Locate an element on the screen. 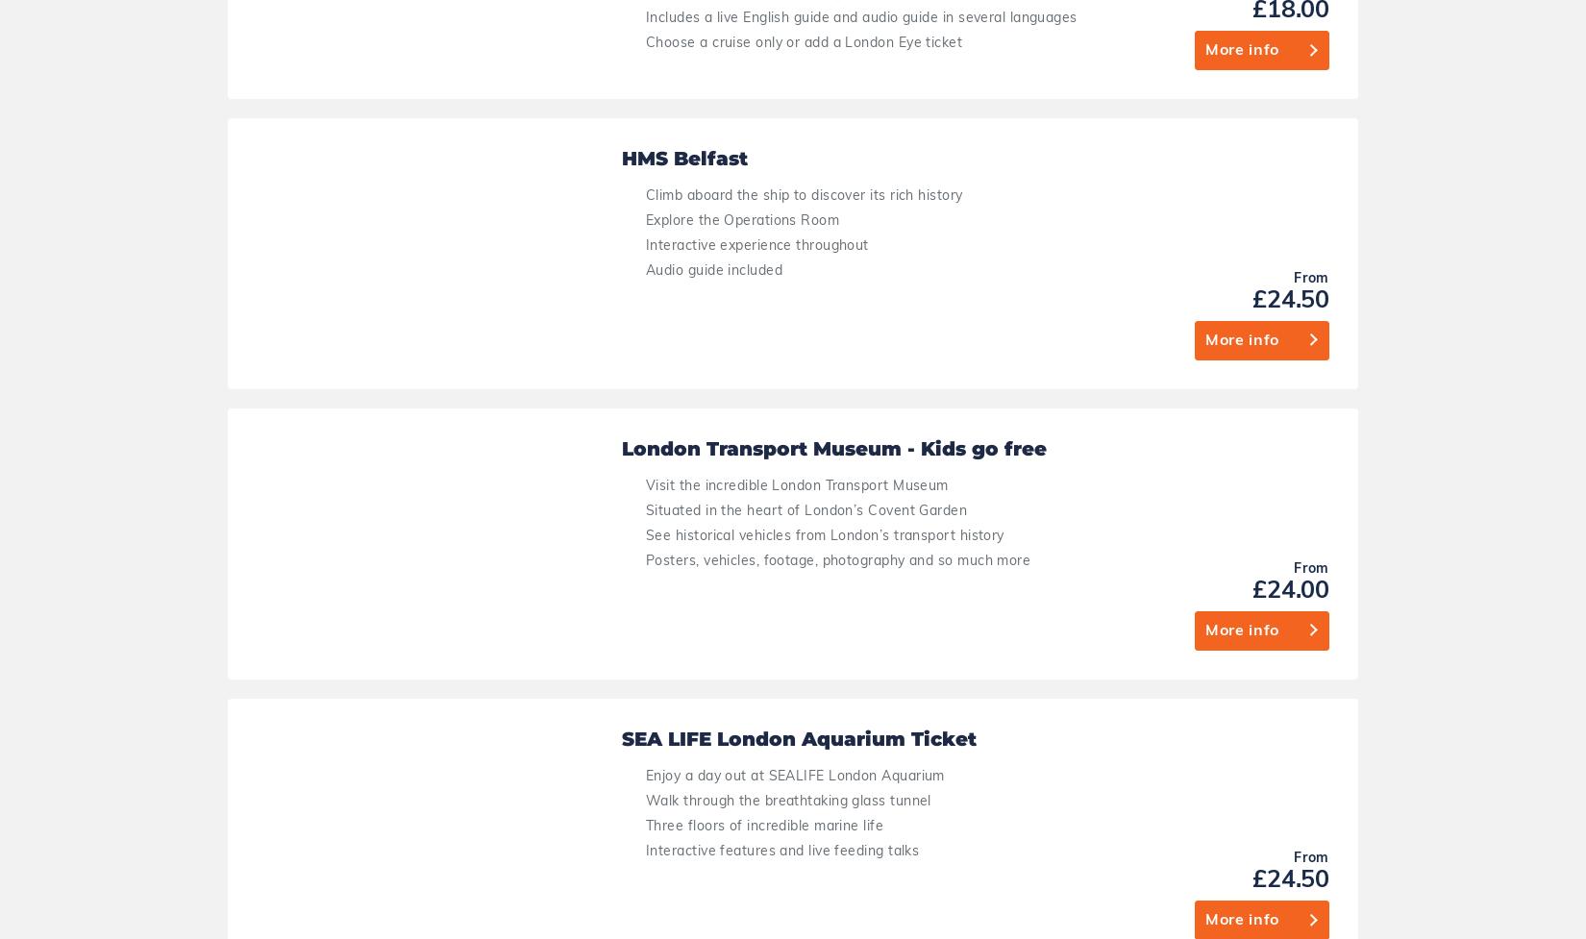 The width and height of the screenshot is (1586, 939). 'See historical vehicles from London’s transport history' is located at coordinates (763, 300).